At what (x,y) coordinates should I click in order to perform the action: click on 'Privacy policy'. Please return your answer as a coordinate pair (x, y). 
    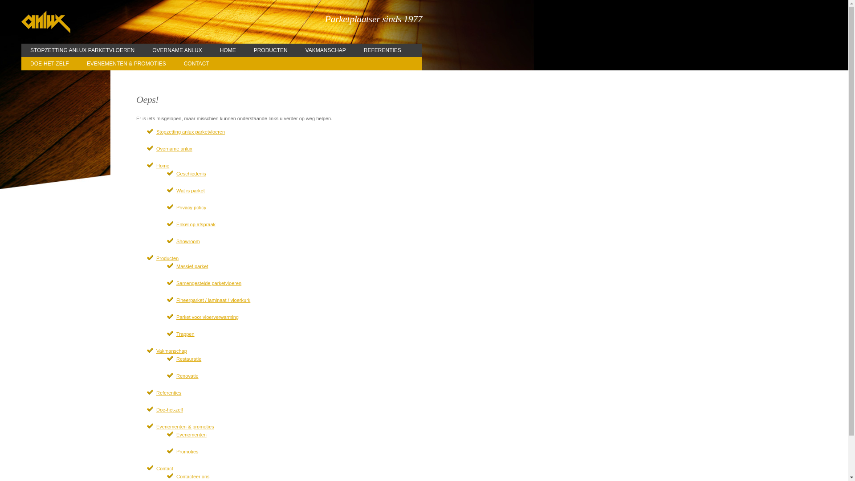
    Looking at the image, I should click on (191, 208).